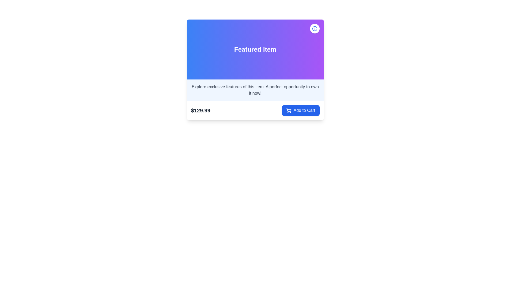 The width and height of the screenshot is (514, 289). Describe the element at coordinates (288, 109) in the screenshot. I see `the shopping cart icon within the 'Add to Cart' button located on the right side of the blue panel at the bottom of the card interface` at that location.